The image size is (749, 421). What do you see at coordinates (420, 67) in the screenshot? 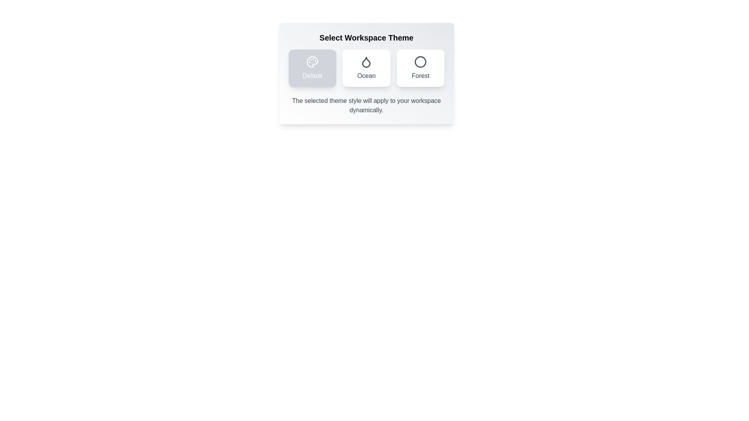
I see `the button corresponding to the Forest theme` at bounding box center [420, 67].